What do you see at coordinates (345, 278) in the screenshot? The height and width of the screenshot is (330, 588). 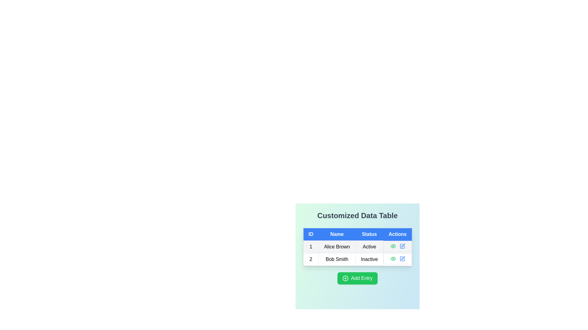 I see `the circular plus icon within the green button labeled 'Add Entry' located below the data table` at bounding box center [345, 278].